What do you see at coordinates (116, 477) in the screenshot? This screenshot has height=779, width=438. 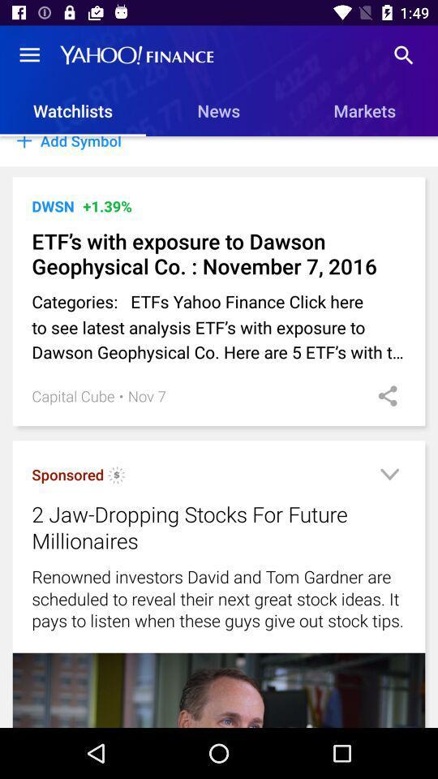 I see `icon below capital cube item` at bounding box center [116, 477].